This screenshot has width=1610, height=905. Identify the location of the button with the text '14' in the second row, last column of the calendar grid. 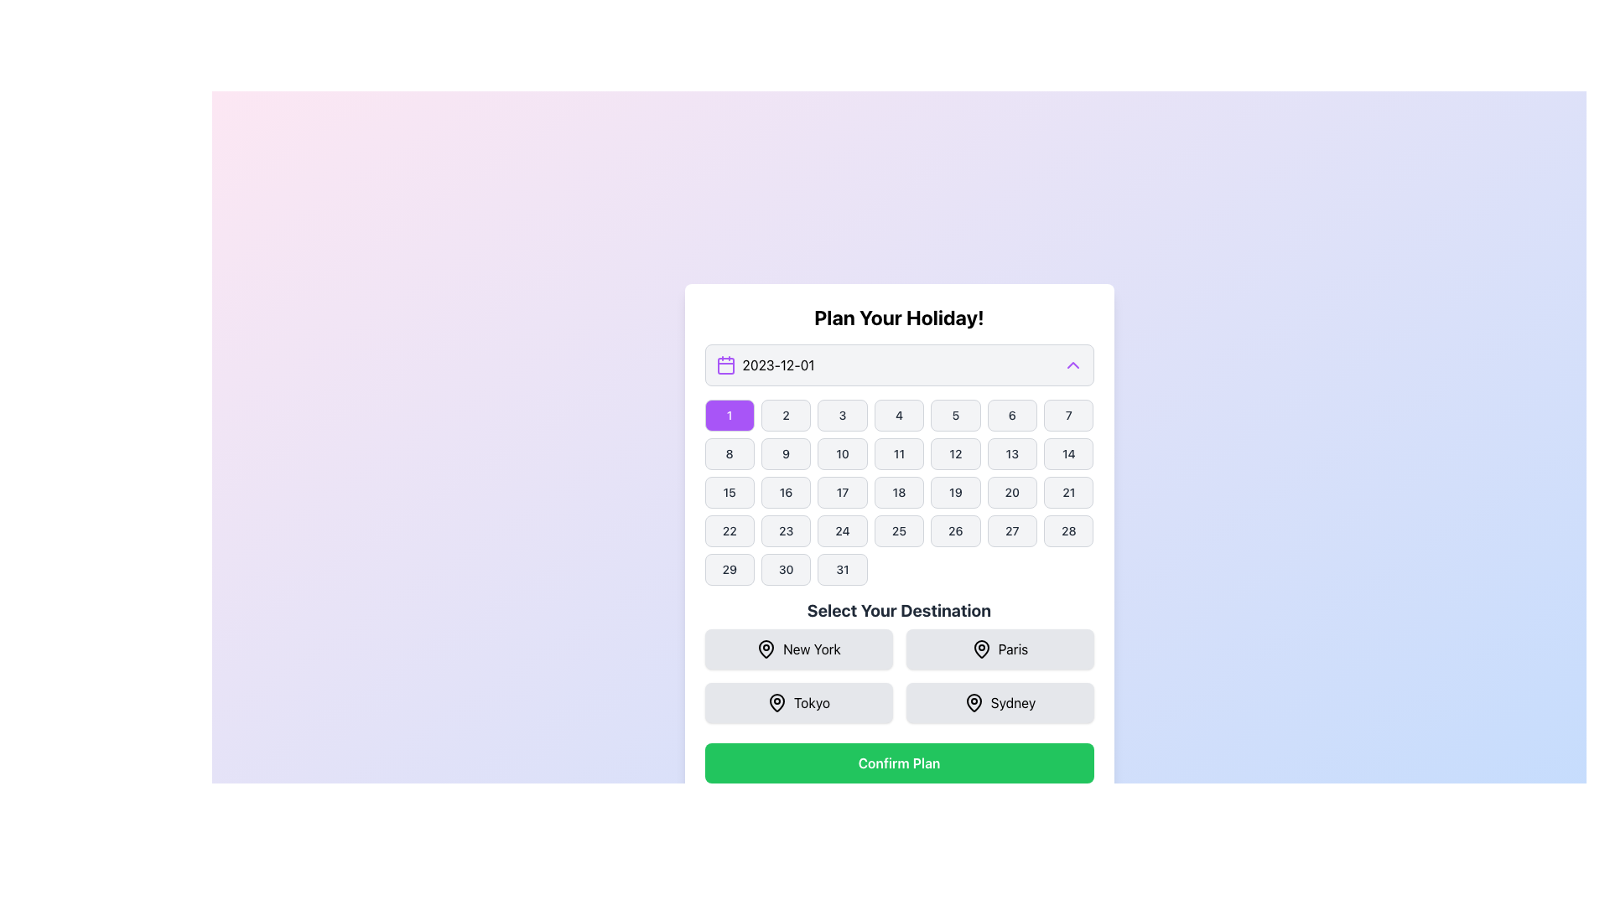
(1067, 454).